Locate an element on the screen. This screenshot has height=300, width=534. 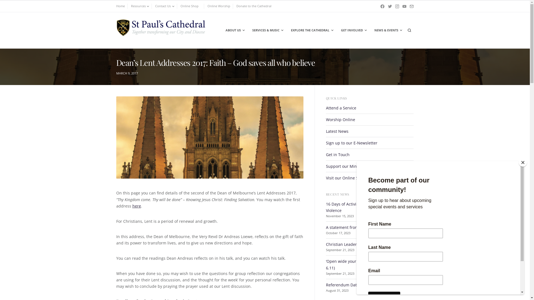
'Visit our Online Shop' is located at coordinates (345, 178).